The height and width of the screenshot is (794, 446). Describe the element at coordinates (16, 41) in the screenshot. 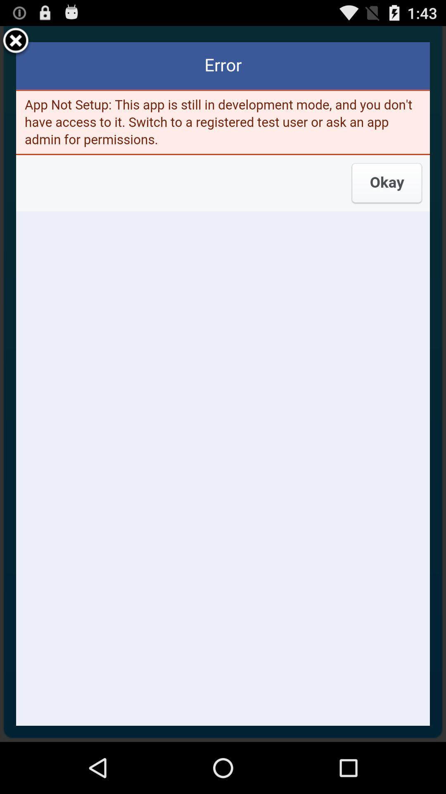

I see `window` at that location.